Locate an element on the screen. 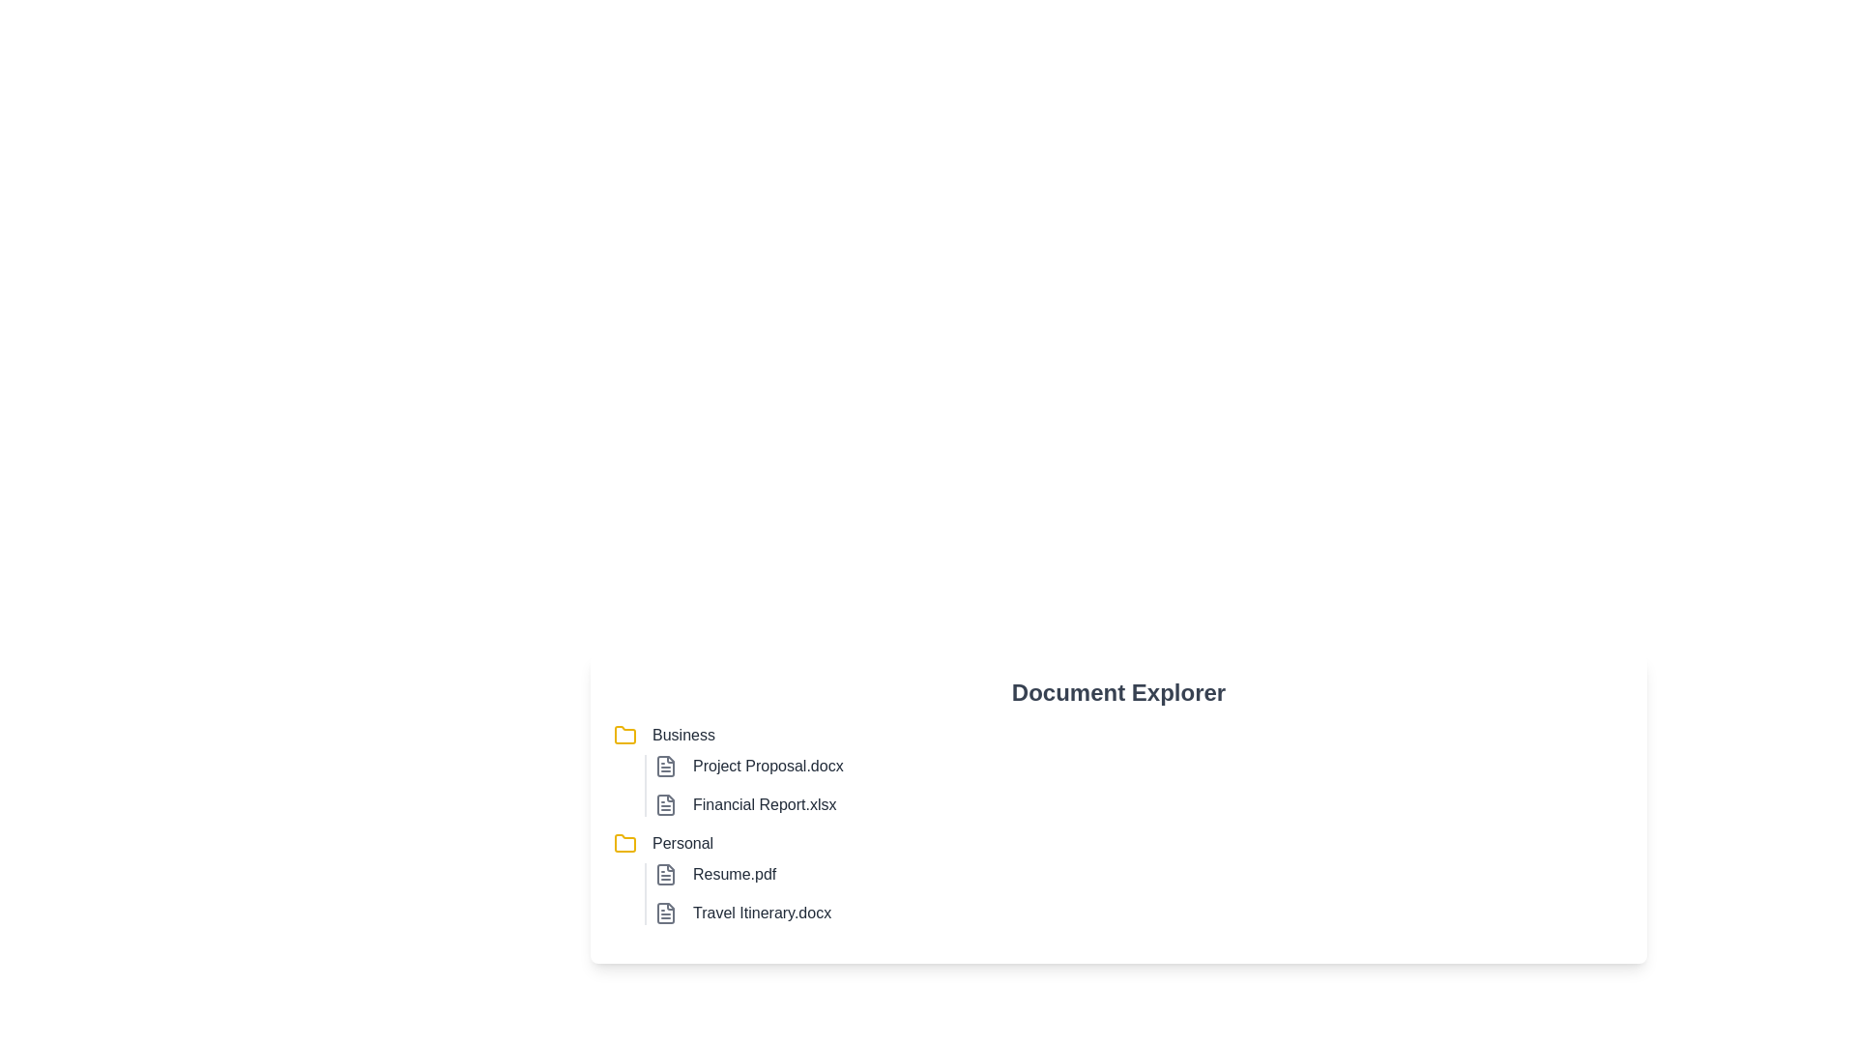  the file icon representing 'Financial Report.xlsx' to bring it into focus is located at coordinates (666, 805).